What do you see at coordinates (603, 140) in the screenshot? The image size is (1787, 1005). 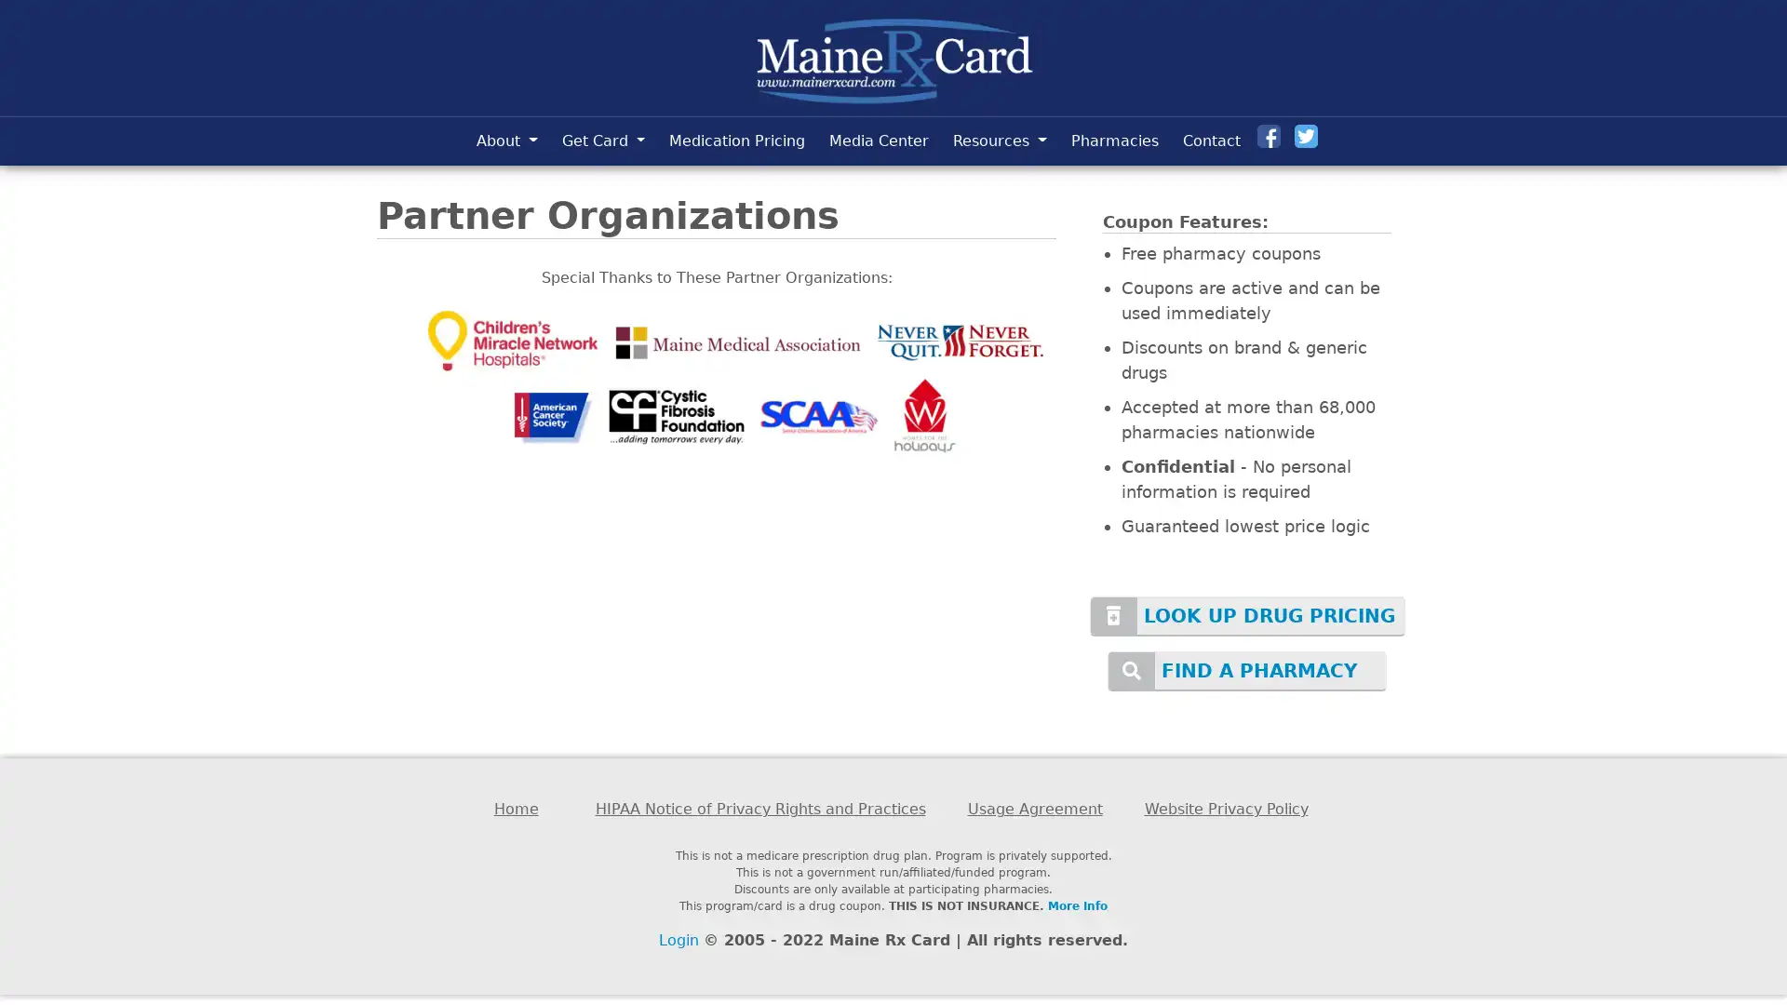 I see `Get Card` at bounding box center [603, 140].